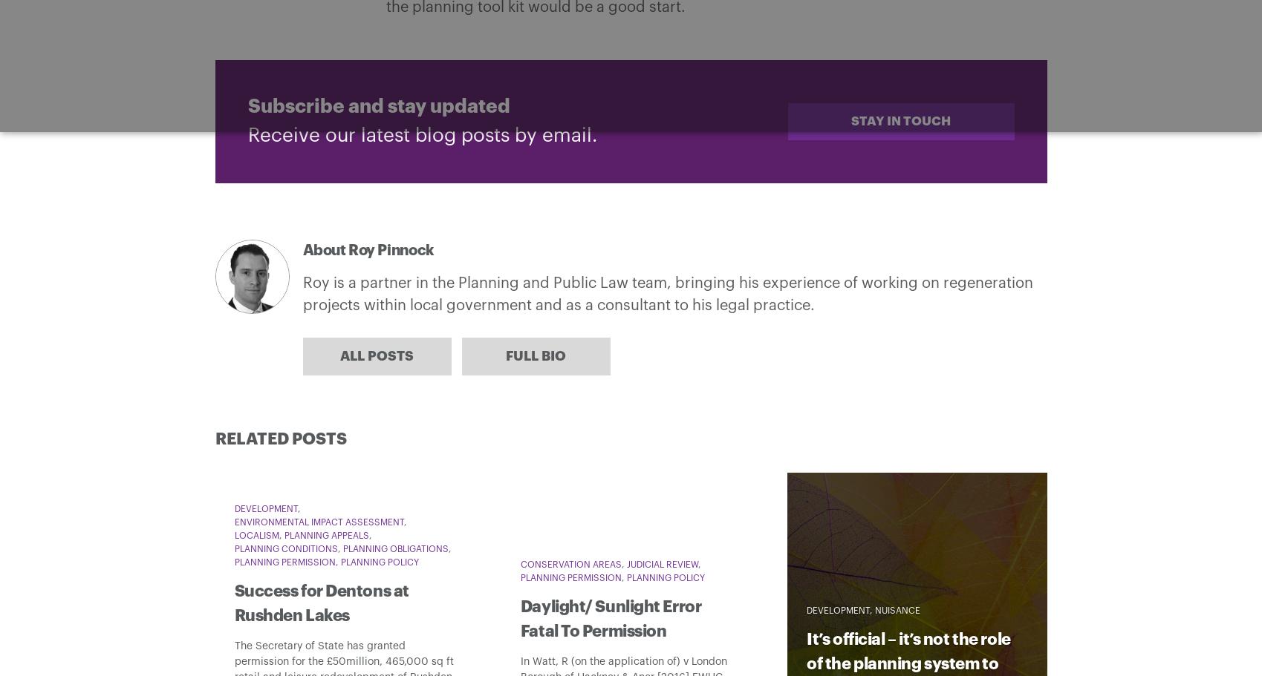 This screenshot has width=1262, height=676. Describe the element at coordinates (570, 563) in the screenshot. I see `'Conservation Areas'` at that location.